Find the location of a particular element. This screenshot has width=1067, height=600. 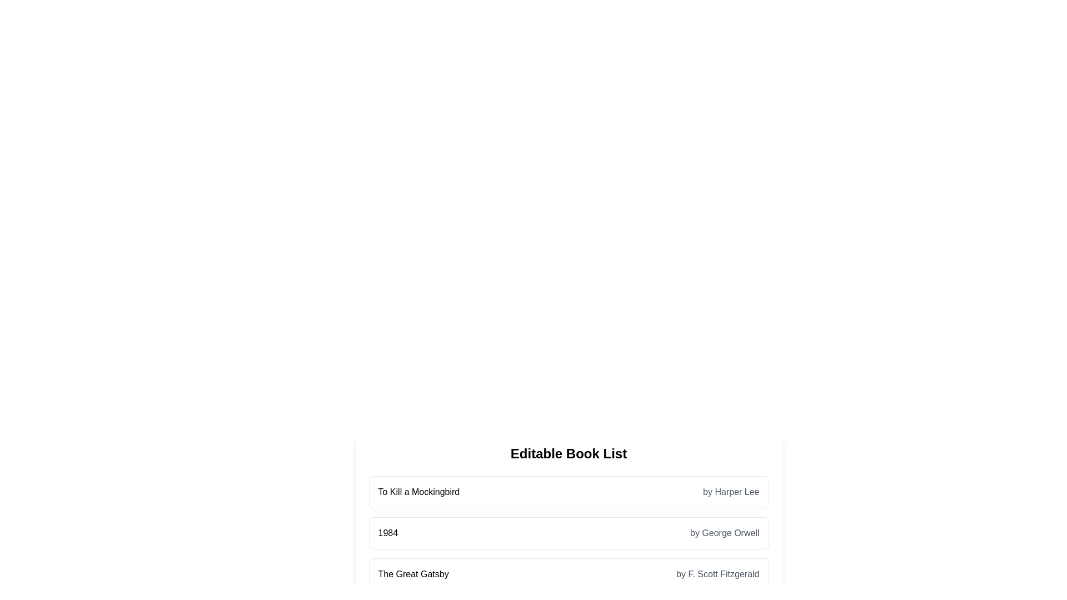

the text label representing the title of the book in the third row of the book list, positioned centrally to the left of the author text 'by F. Scott Fitzgerald' is located at coordinates (413, 574).